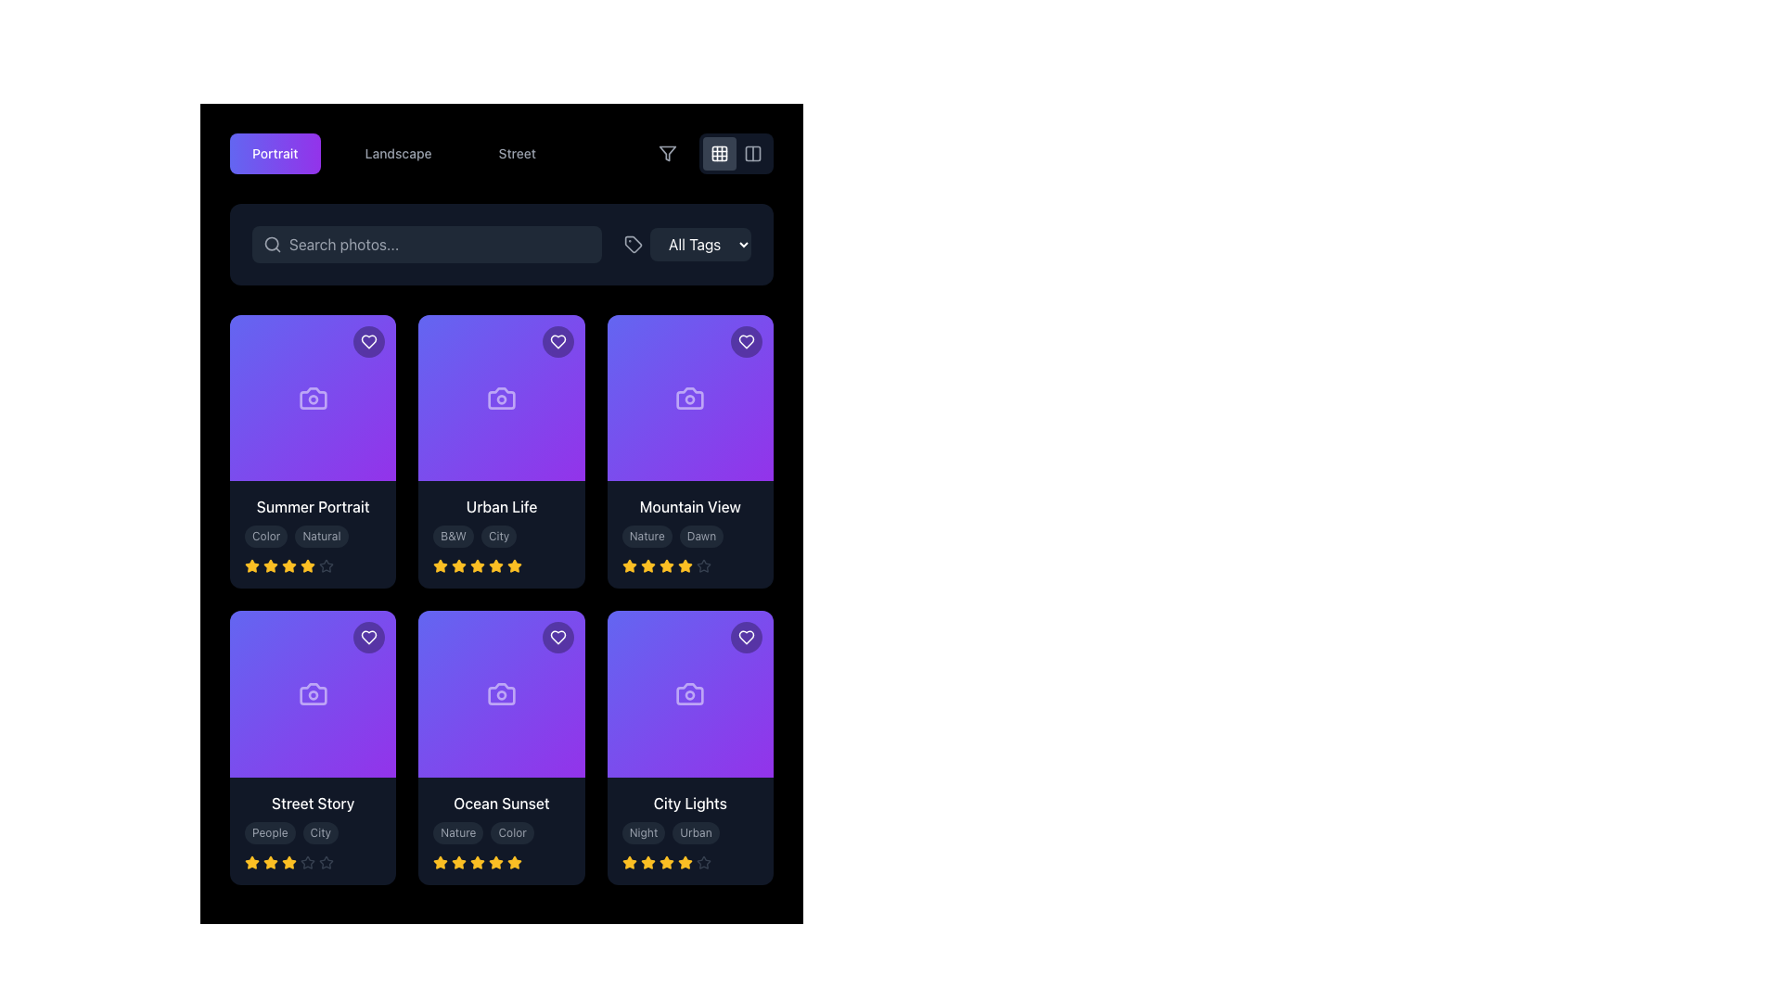 The image size is (1781, 1001). Describe the element at coordinates (440, 862) in the screenshot. I see `the first star icon in the rating system under the 'Ocean Sunset' photo card` at that location.